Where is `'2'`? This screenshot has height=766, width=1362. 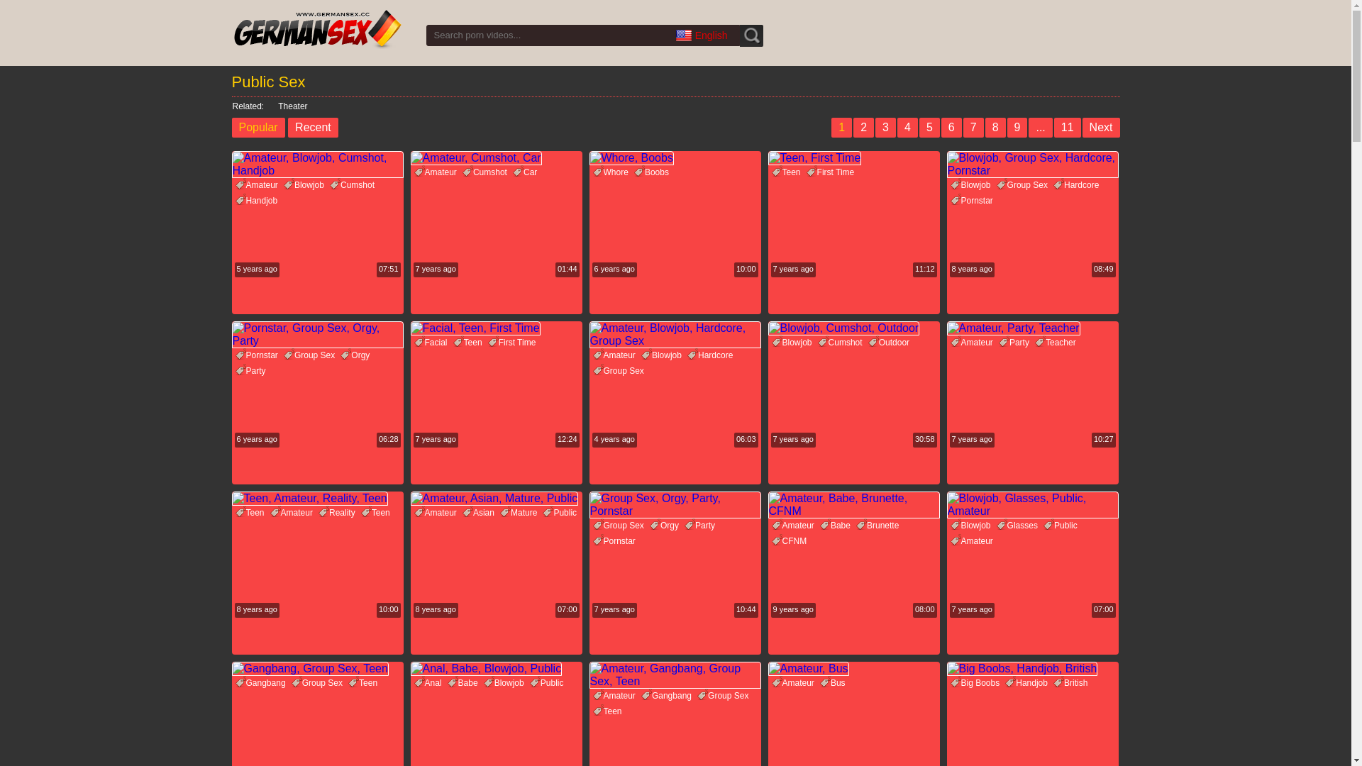 '2' is located at coordinates (853, 128).